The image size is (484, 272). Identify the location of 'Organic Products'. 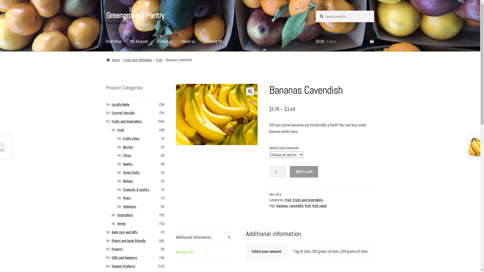
(123, 266).